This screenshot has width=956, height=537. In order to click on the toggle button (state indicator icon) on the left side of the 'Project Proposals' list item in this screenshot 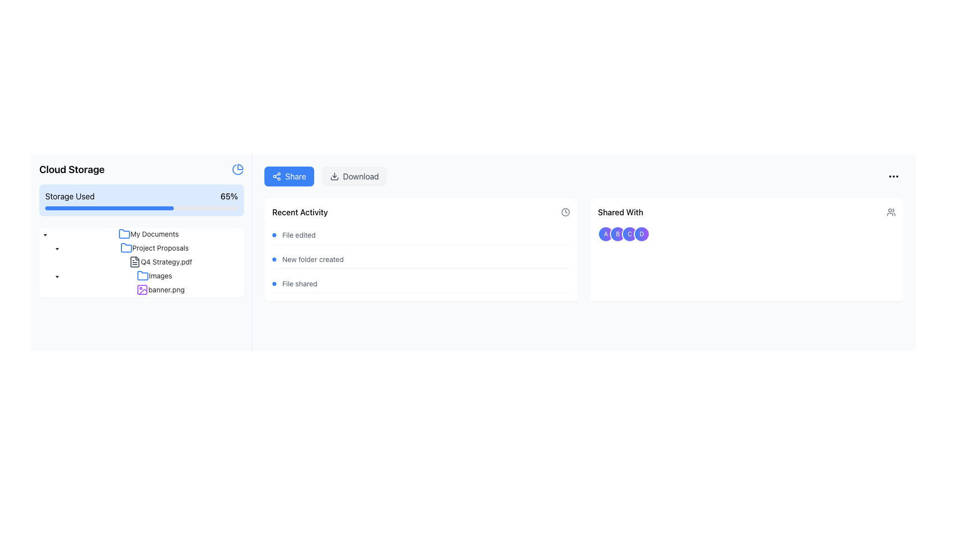, I will do `click(57, 247)`.